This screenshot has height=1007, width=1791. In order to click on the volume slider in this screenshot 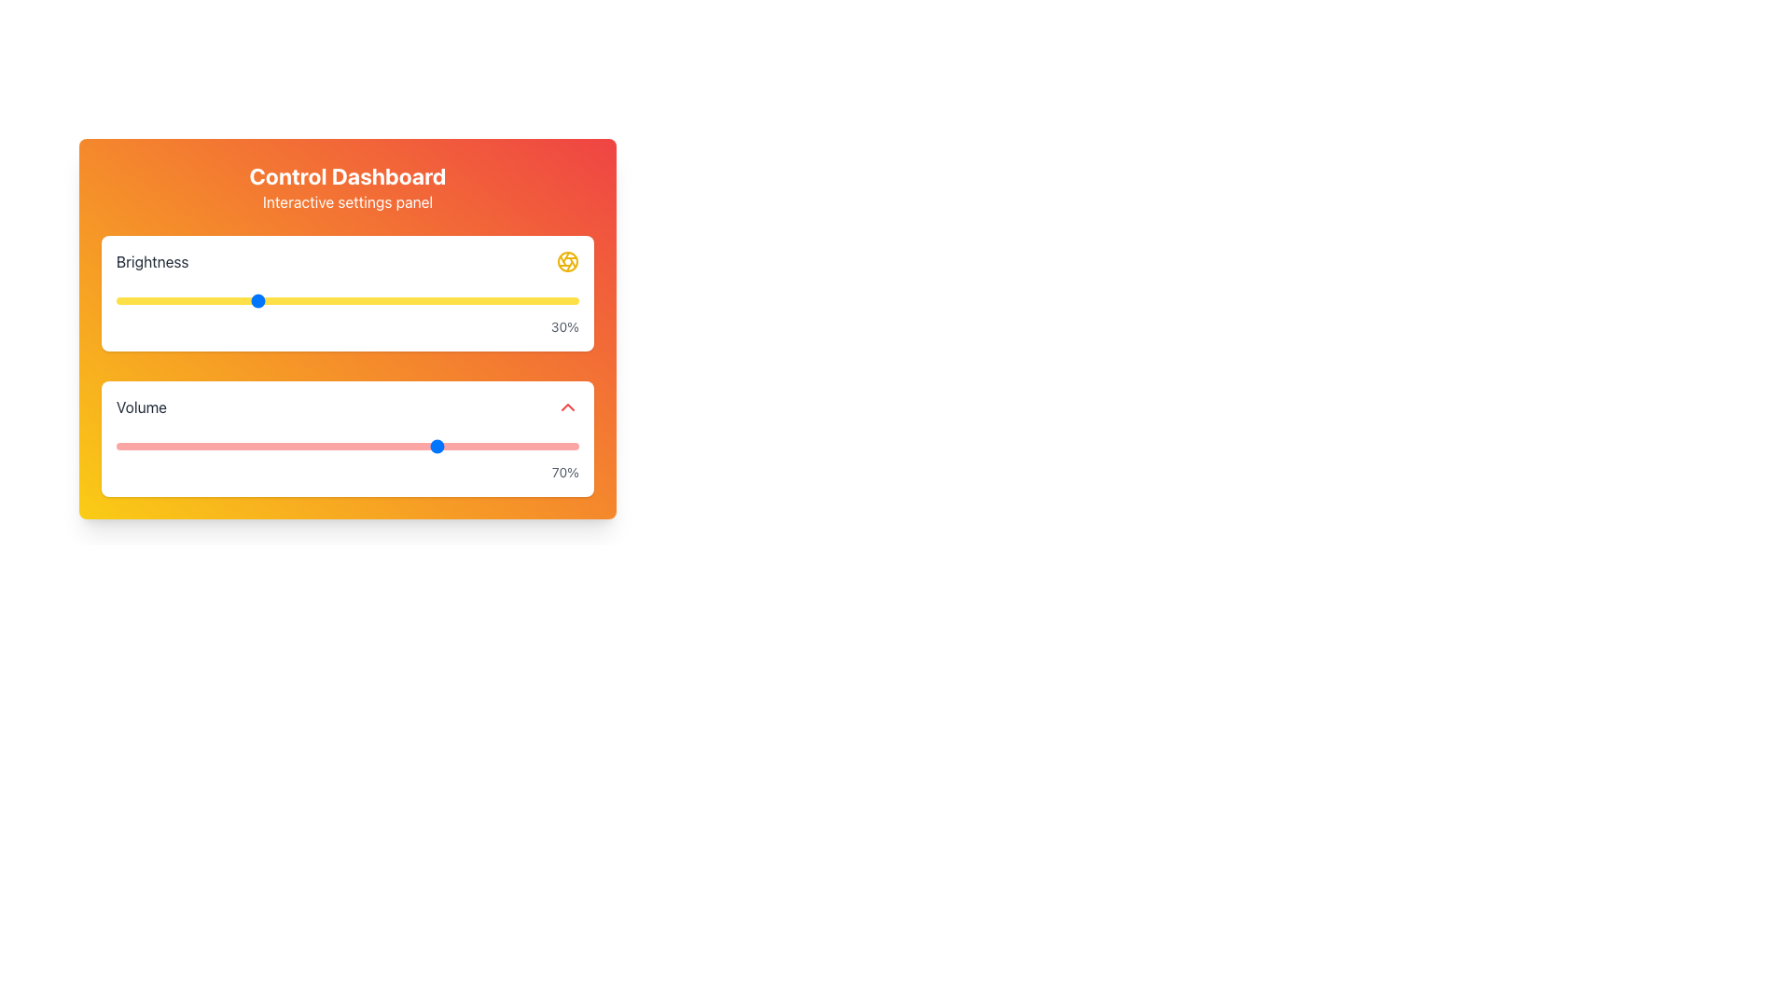, I will do `click(339, 446)`.